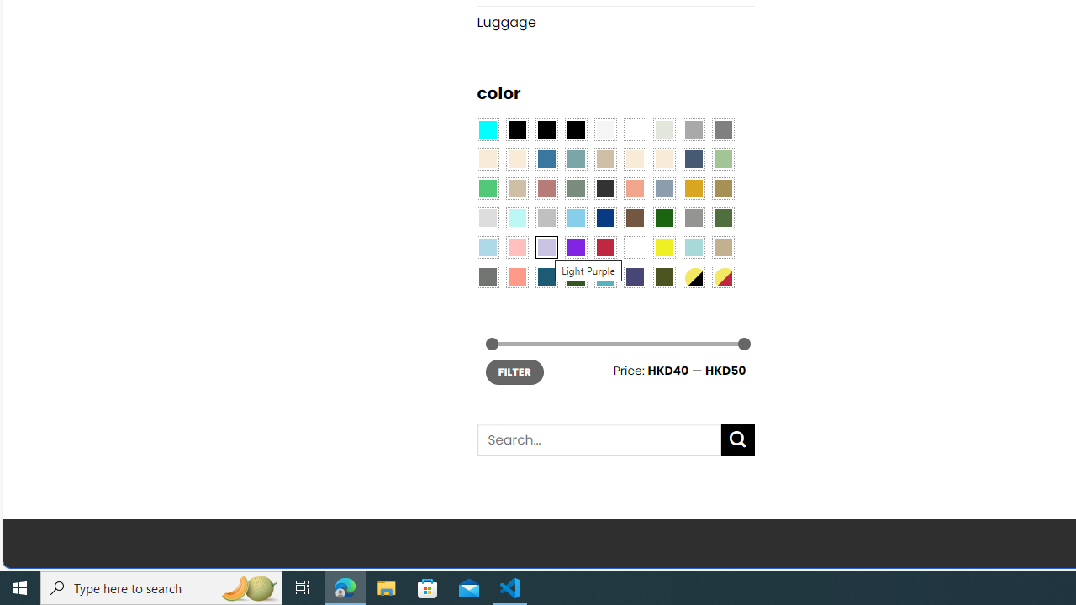 The width and height of the screenshot is (1076, 605). I want to click on 'Black', so click(546, 129).